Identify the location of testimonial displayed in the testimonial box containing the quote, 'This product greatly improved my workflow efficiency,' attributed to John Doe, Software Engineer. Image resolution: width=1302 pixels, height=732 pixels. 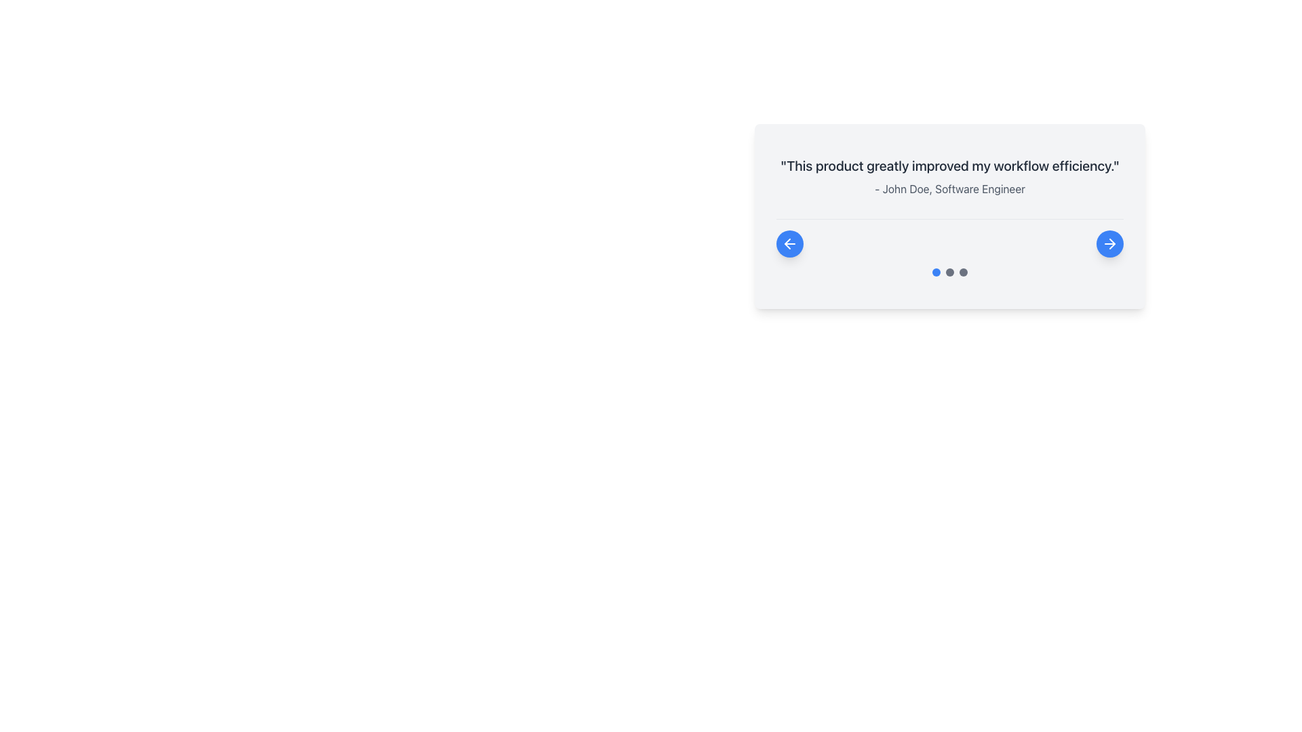
(949, 279).